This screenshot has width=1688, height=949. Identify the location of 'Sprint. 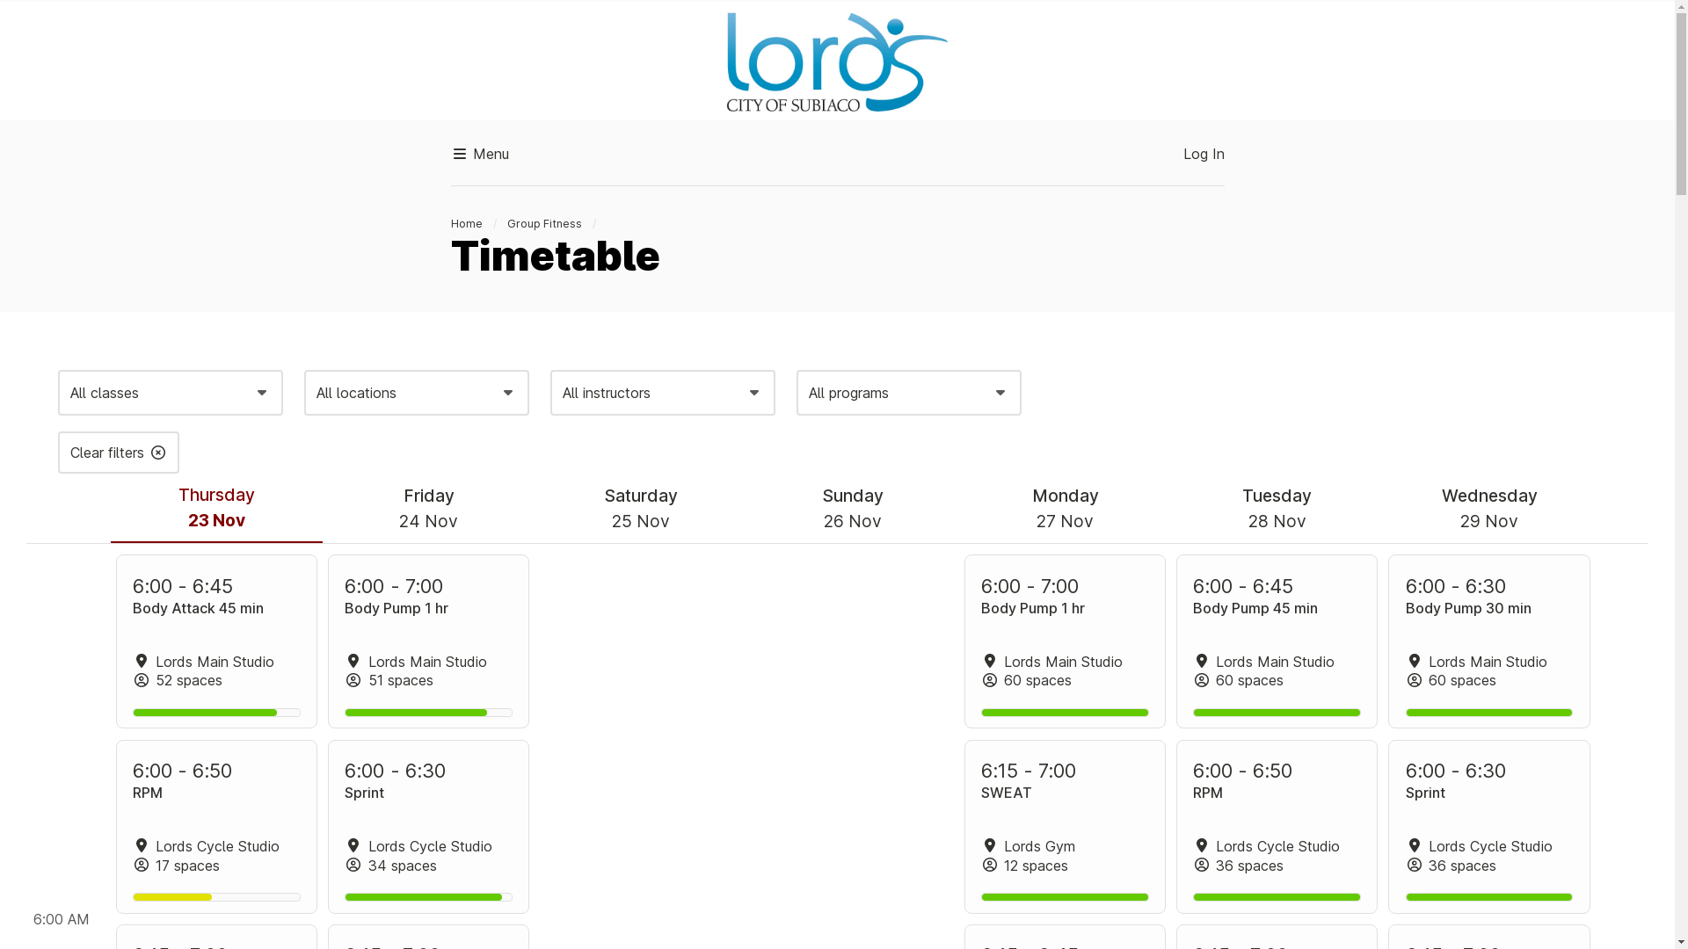
(428, 827).